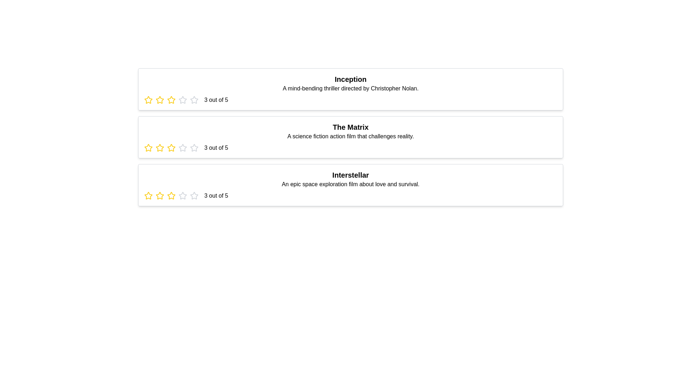 Image resolution: width=687 pixels, height=386 pixels. Describe the element at coordinates (148, 147) in the screenshot. I see `the star corresponding to 1 stars for the movie titled The Matrix` at that location.